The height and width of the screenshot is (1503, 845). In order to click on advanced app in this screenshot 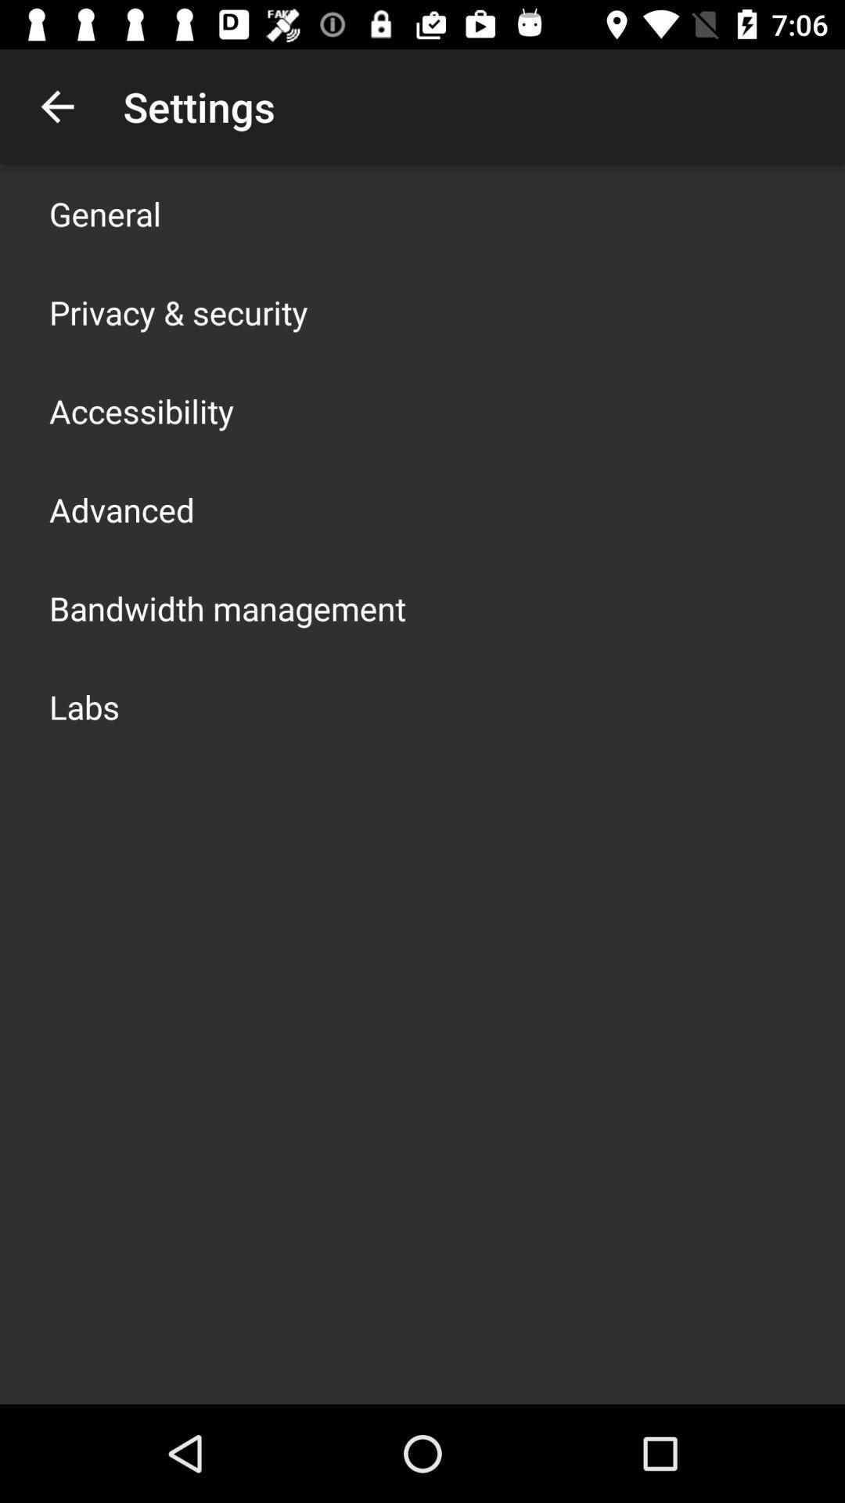, I will do `click(120, 510)`.